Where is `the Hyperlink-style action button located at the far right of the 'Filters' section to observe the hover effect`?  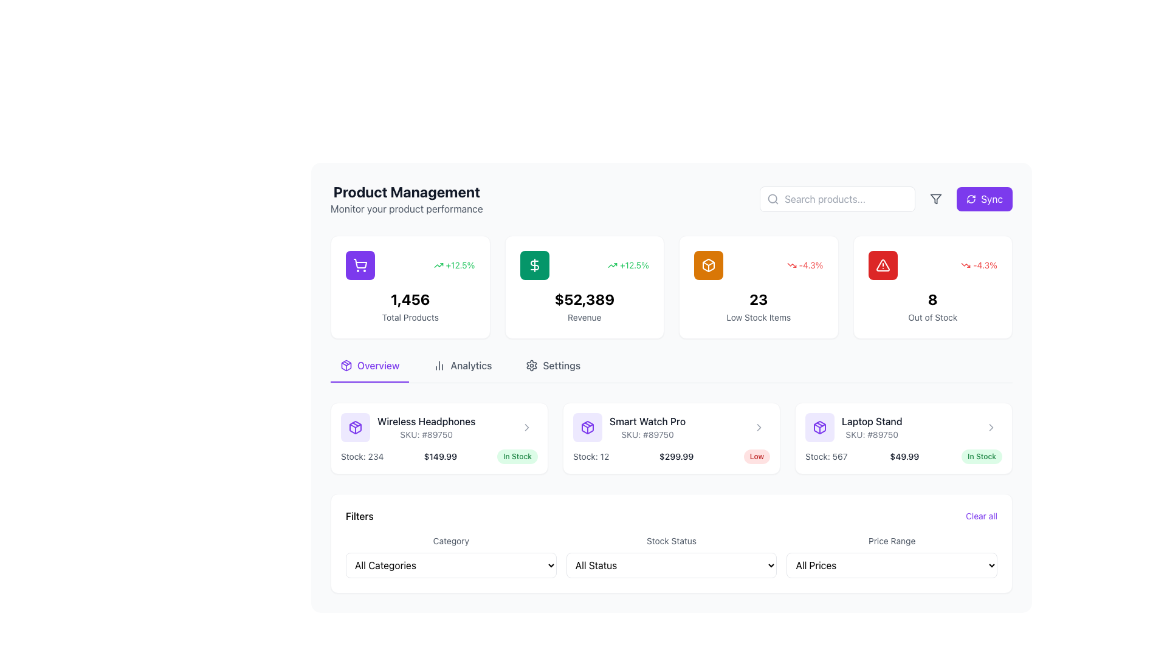
the Hyperlink-style action button located at the far right of the 'Filters' section to observe the hover effect is located at coordinates (981, 516).